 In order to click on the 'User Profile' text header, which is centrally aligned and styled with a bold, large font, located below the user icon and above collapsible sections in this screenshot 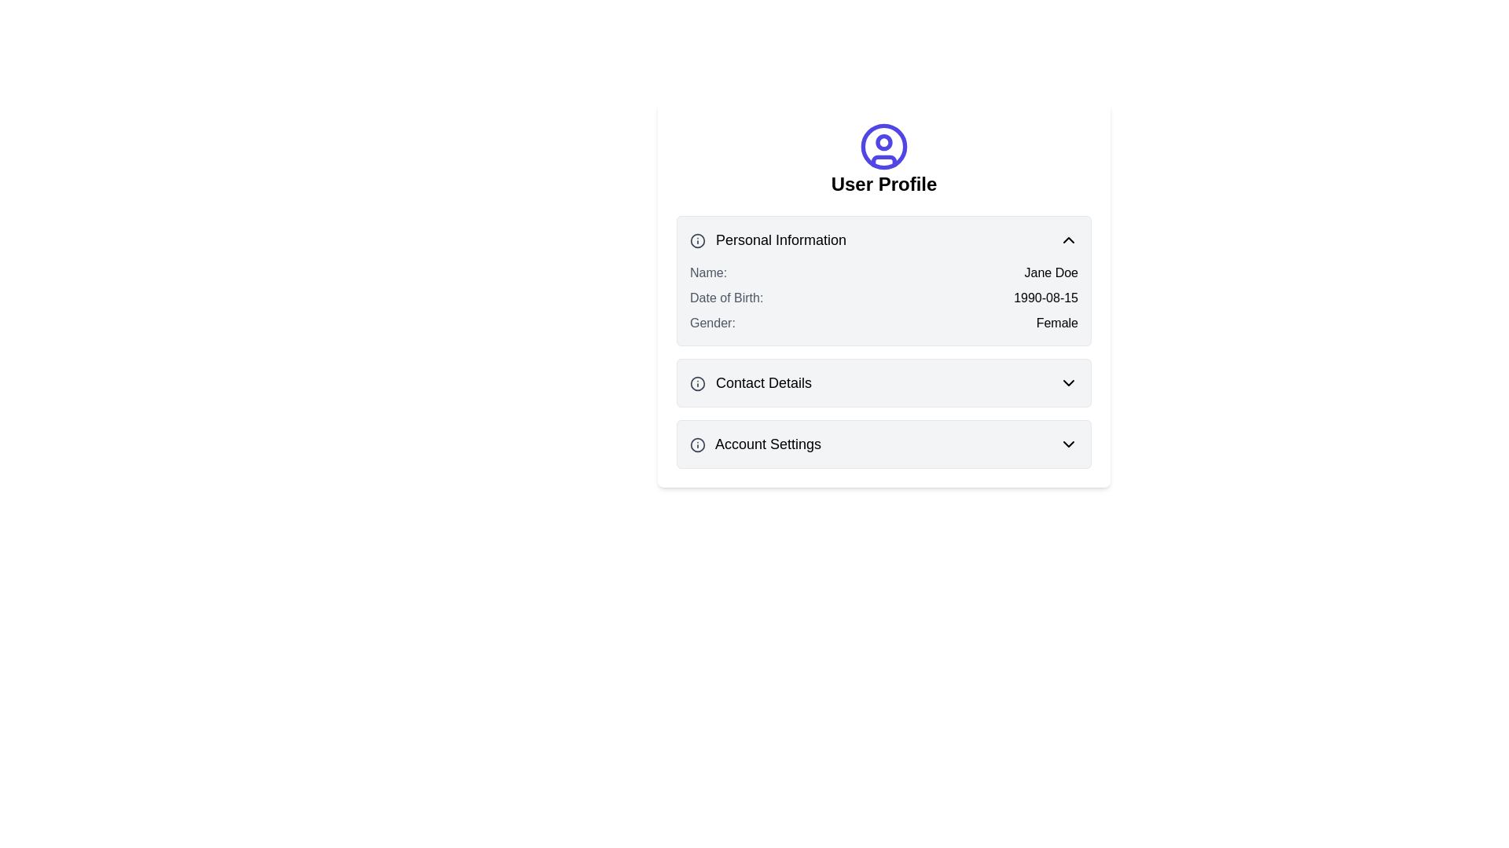, I will do `click(883, 184)`.